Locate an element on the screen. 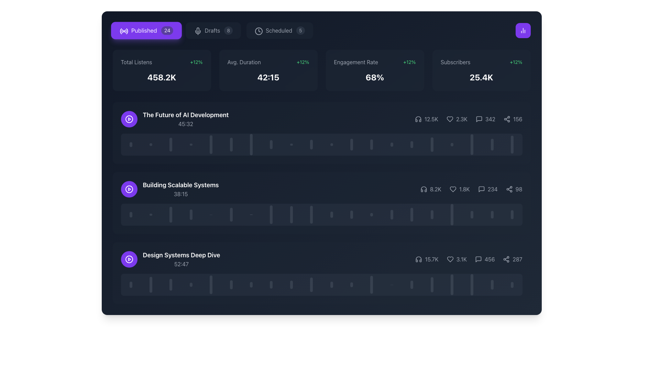  the first visual indicator (a small vertical bar with rounded edges, semi-transparent dark gray color) located to the left in the horizontal bar below the title 'The Future of AI Development' is located at coordinates (131, 144).